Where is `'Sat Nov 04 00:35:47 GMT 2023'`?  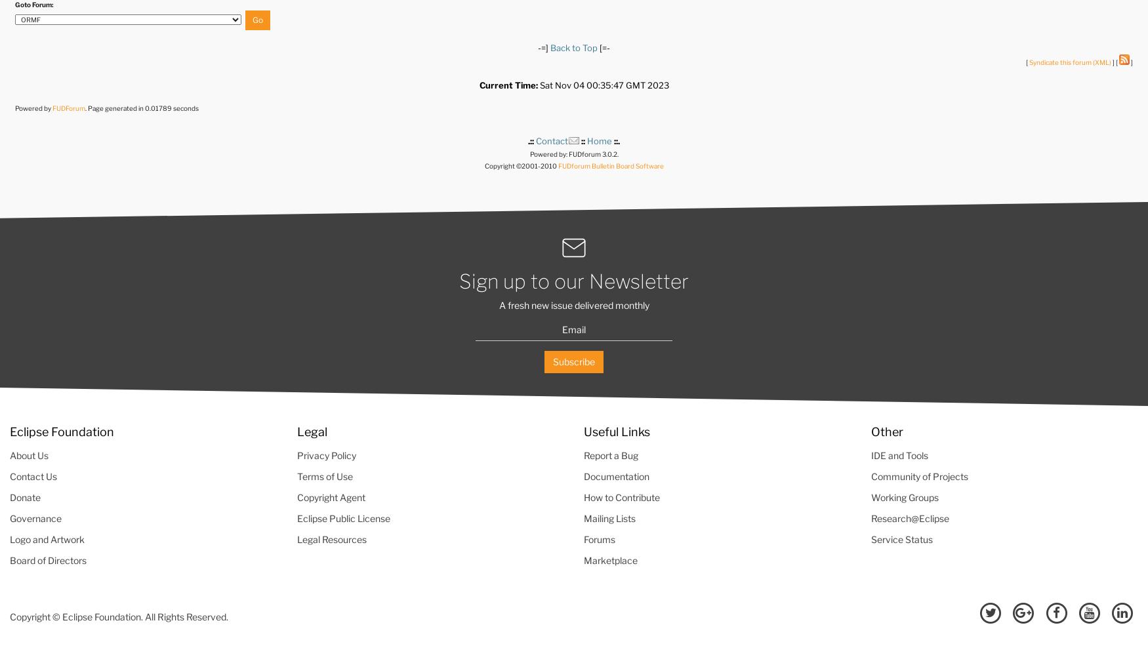 'Sat Nov 04 00:35:47 GMT 2023' is located at coordinates (602, 84).